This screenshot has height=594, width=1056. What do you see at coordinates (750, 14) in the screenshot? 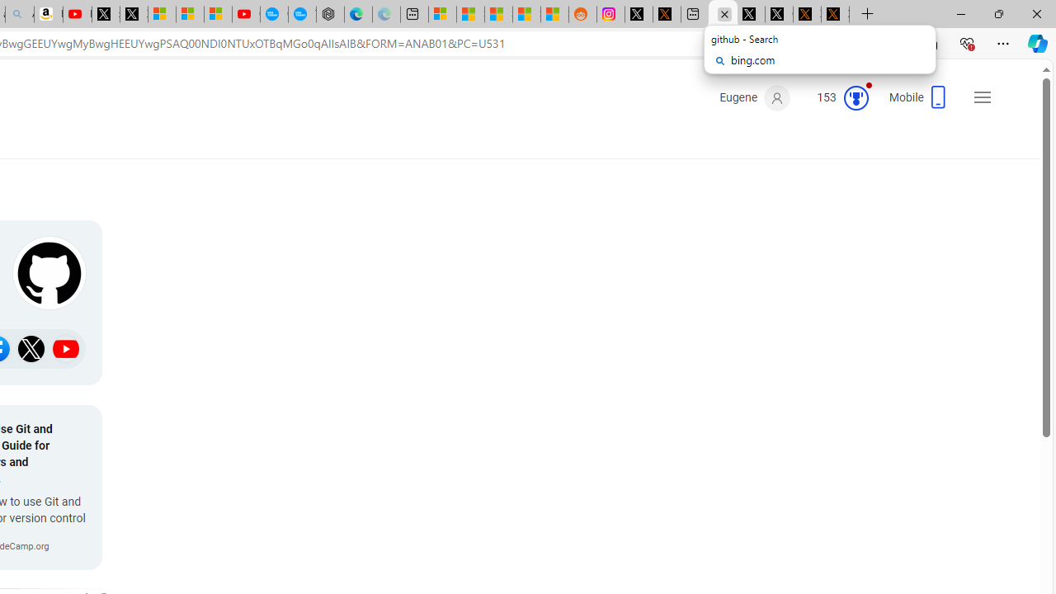
I see `'Profile / X'` at bounding box center [750, 14].